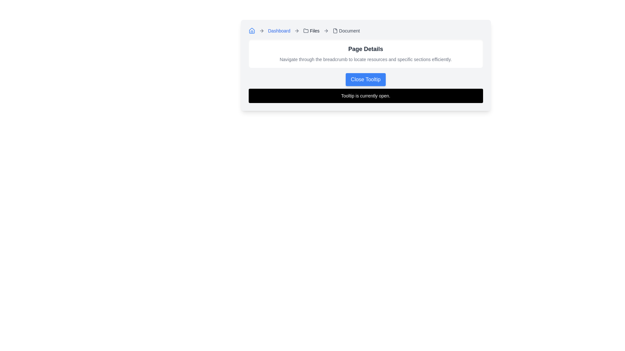 The width and height of the screenshot is (625, 351). Describe the element at coordinates (297, 31) in the screenshot. I see `the second right-pointing arrow icon in the breadcrumb navigation bar, located next to the 'Dashboard' text` at that location.